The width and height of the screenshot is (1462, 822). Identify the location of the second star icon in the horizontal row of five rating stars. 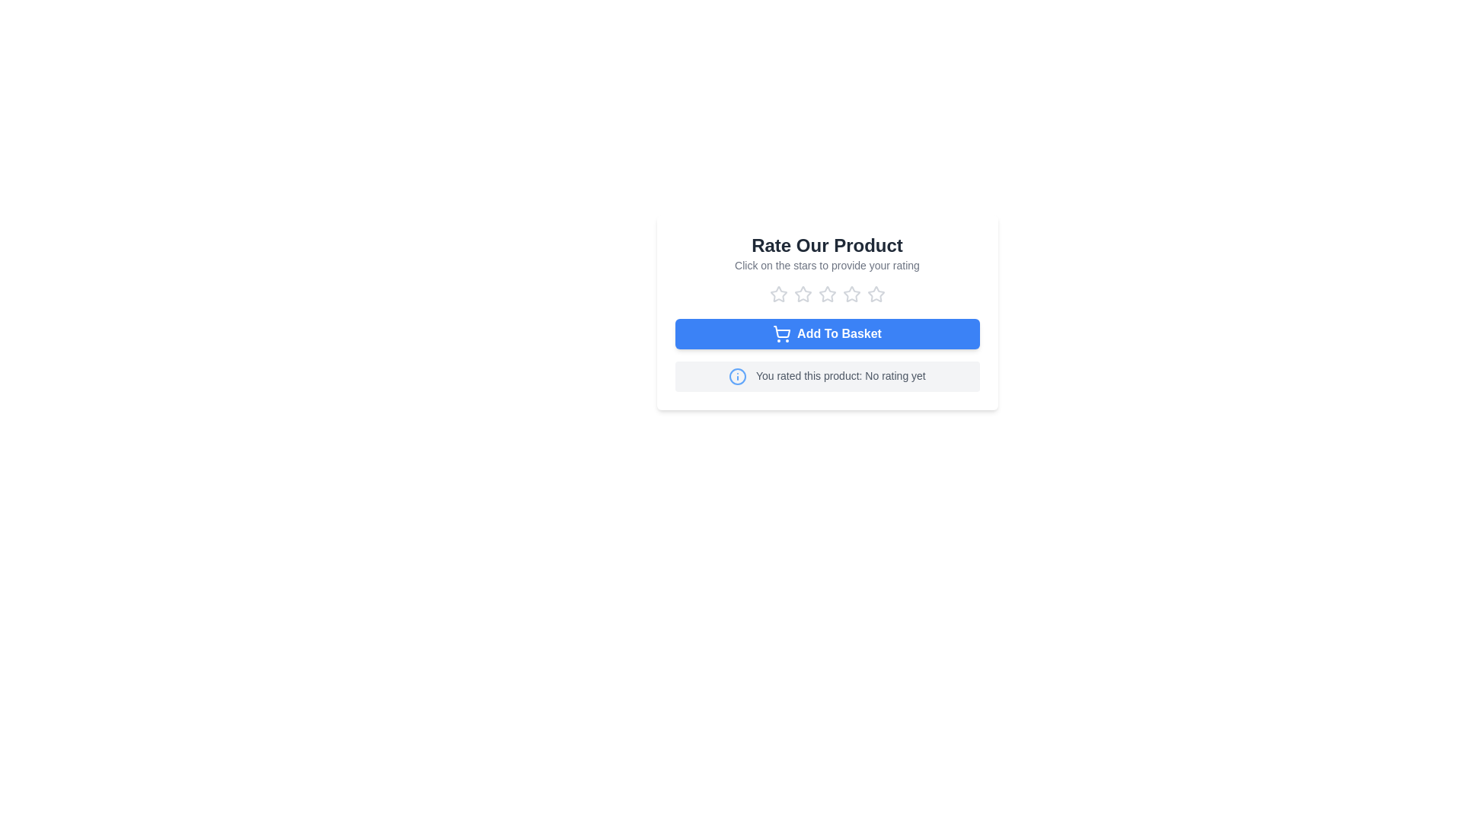
(802, 293).